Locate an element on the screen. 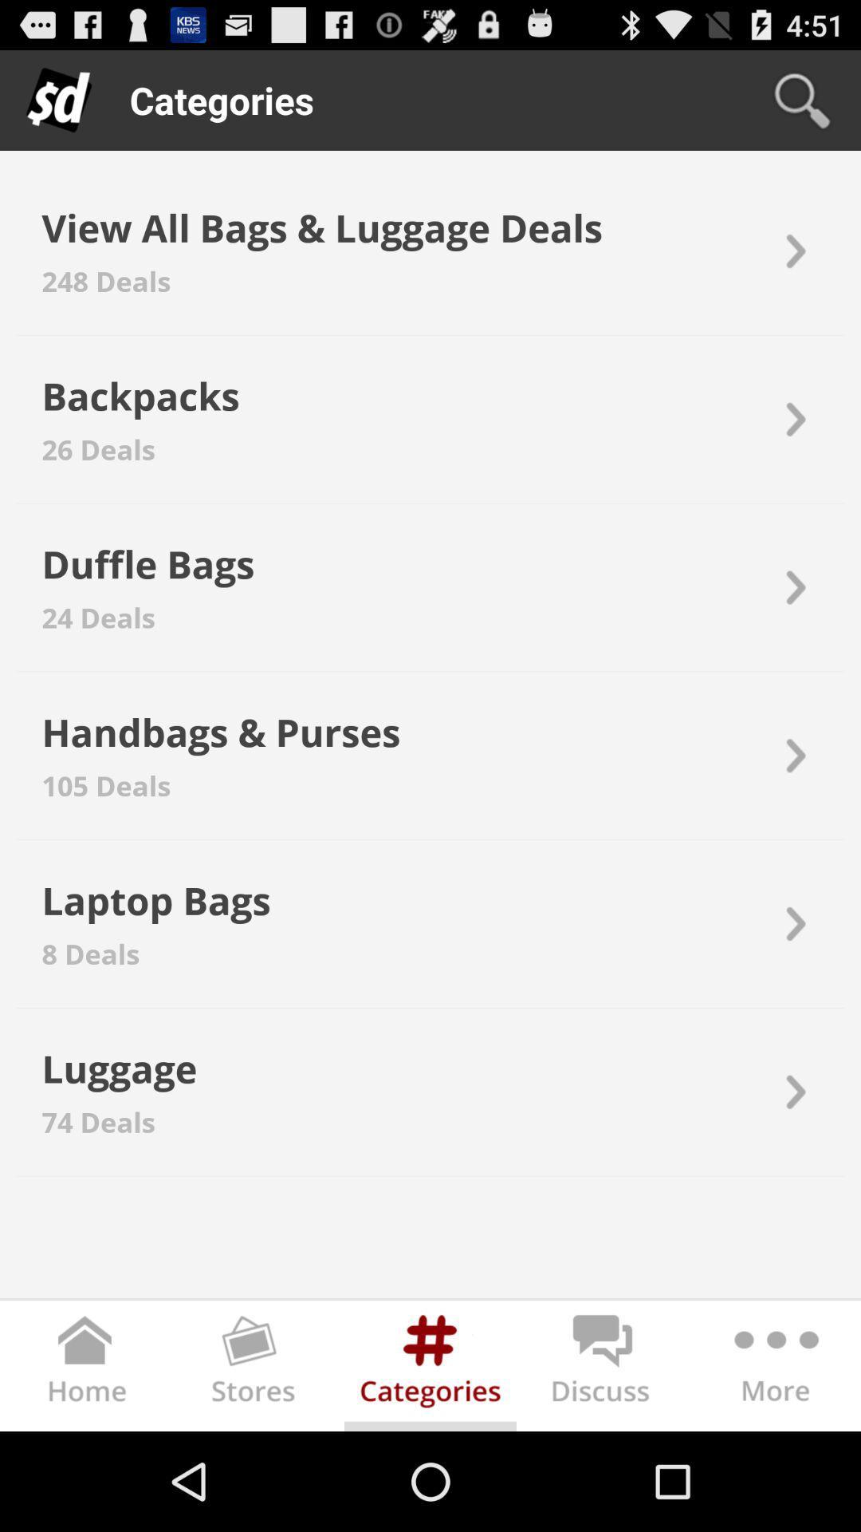  icon on the right side of handbags  bags is located at coordinates (793, 755).